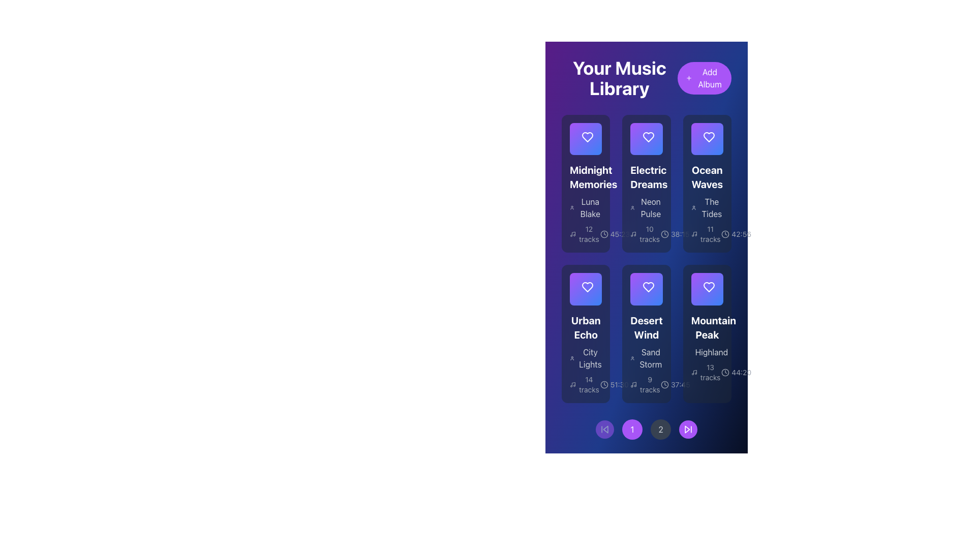 This screenshot has height=549, width=976. I want to click on the music icon located below the album 'Electric Dreams' in the second column of the grid, which visually indicates the number of tracks in the associated album, so click(633, 234).